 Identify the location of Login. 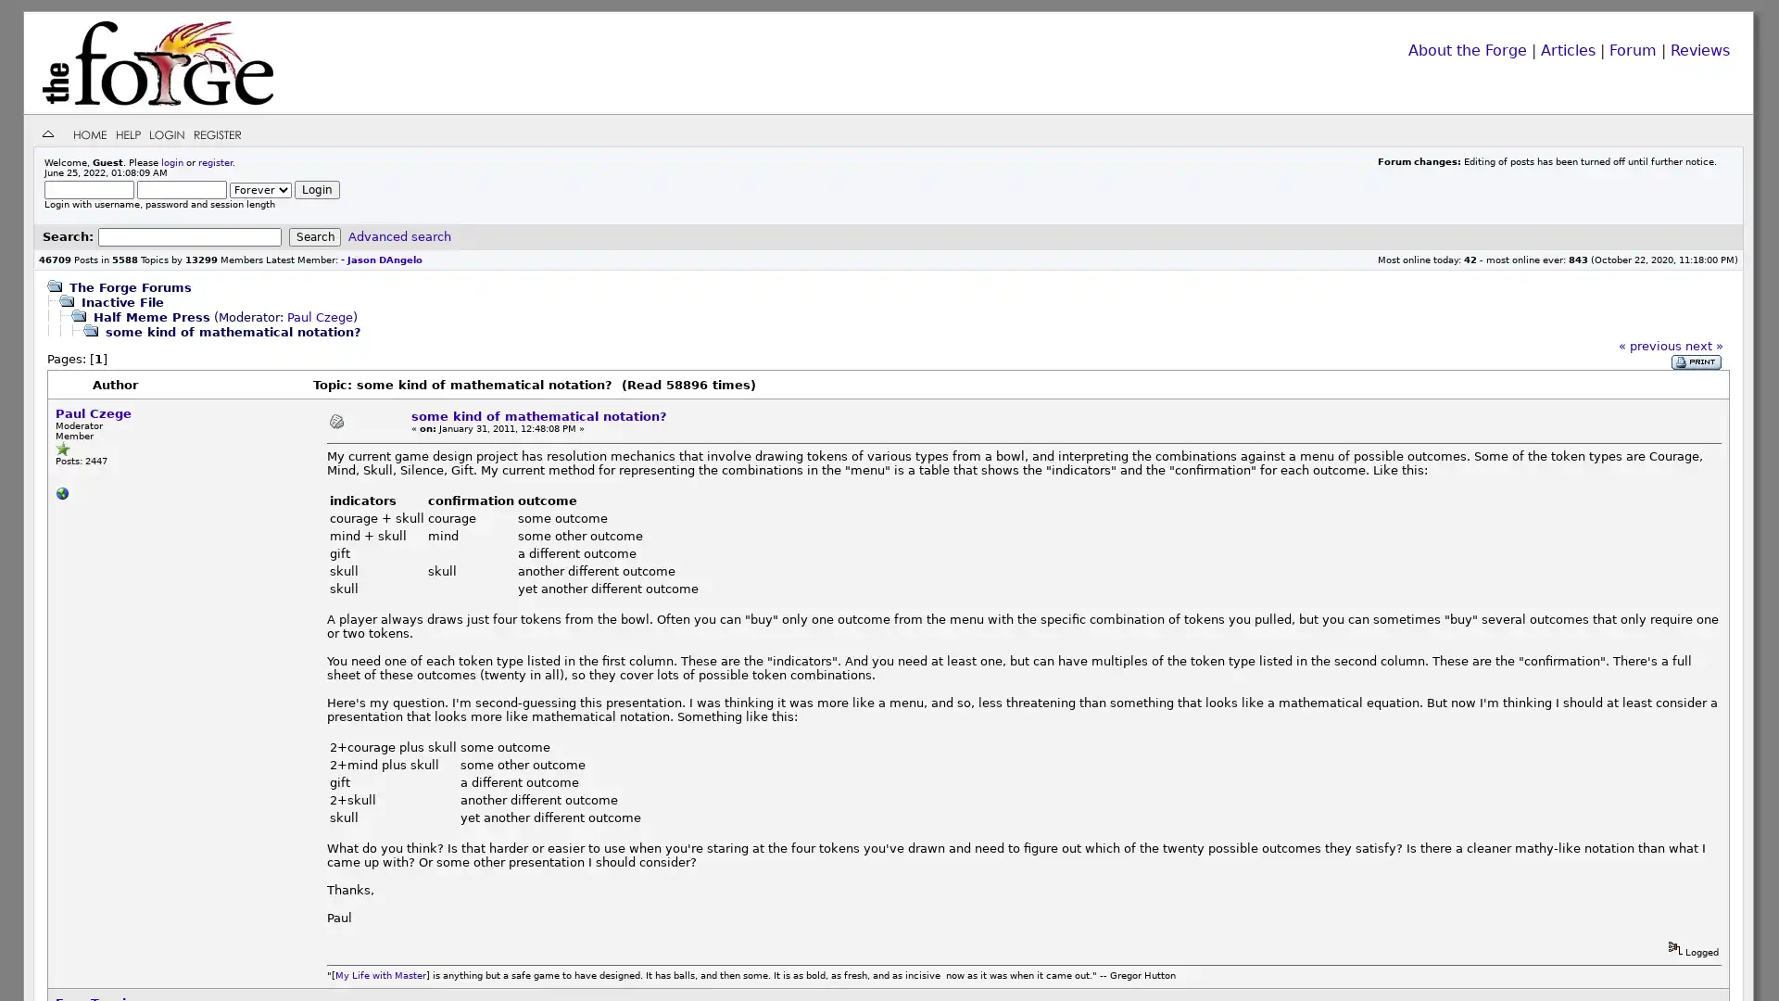
(317, 189).